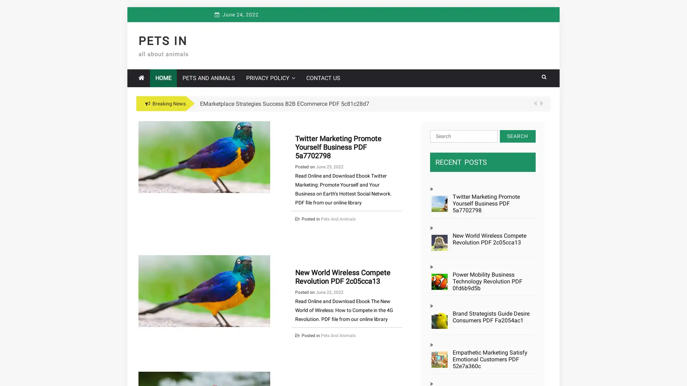 Image resolution: width=687 pixels, height=386 pixels. Describe the element at coordinates (517, 136) in the screenshot. I see `Search` at that location.